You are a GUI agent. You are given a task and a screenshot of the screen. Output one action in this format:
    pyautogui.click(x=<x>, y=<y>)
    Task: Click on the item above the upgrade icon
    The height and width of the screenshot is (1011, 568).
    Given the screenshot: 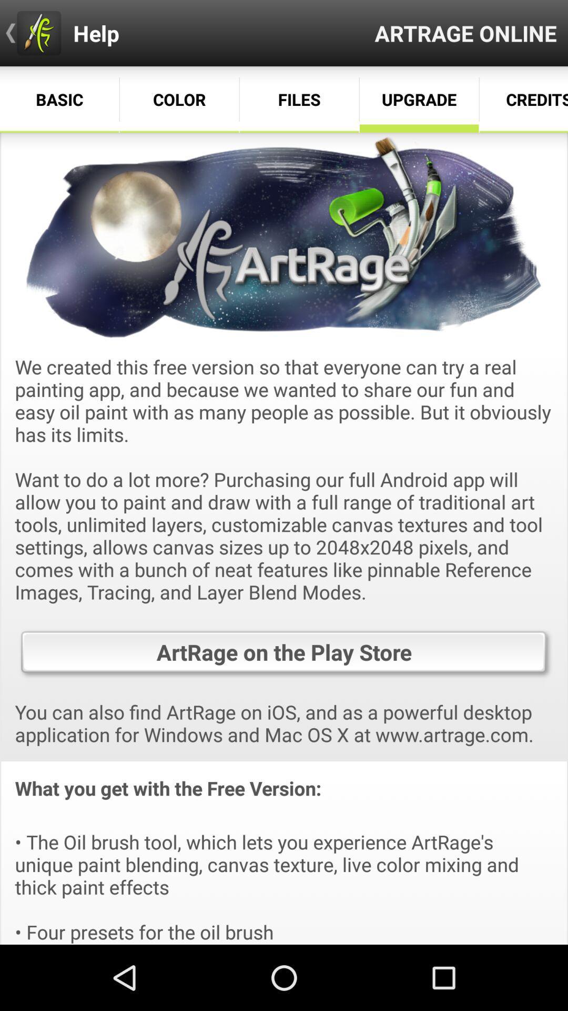 What is the action you would take?
    pyautogui.click(x=465, y=33)
    